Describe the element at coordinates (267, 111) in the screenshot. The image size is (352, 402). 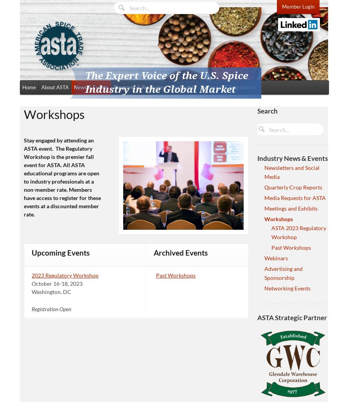
I see `'Search'` at that location.